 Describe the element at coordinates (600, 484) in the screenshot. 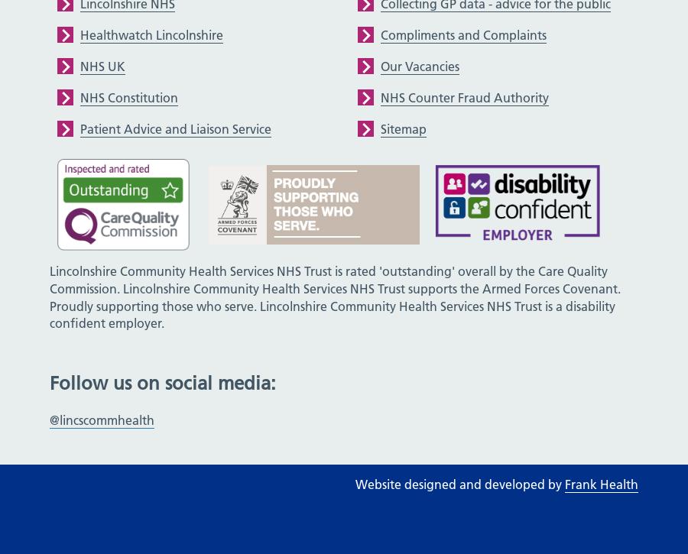

I see `'Frank Health'` at that location.